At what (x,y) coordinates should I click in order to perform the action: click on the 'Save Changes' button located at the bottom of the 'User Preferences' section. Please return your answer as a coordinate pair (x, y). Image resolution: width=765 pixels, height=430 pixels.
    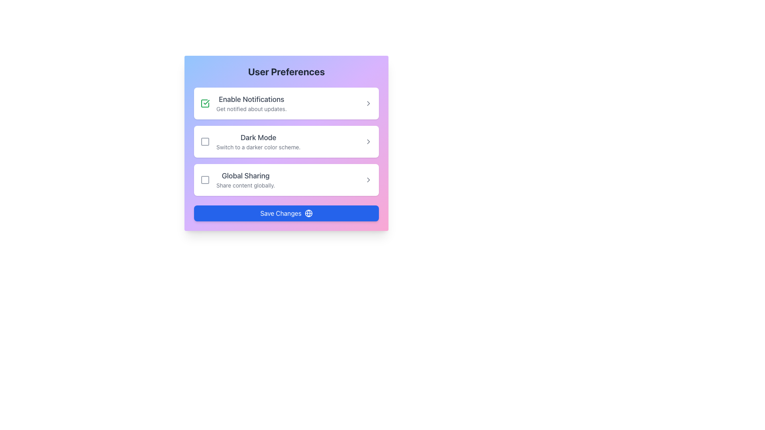
    Looking at the image, I should click on (286, 213).